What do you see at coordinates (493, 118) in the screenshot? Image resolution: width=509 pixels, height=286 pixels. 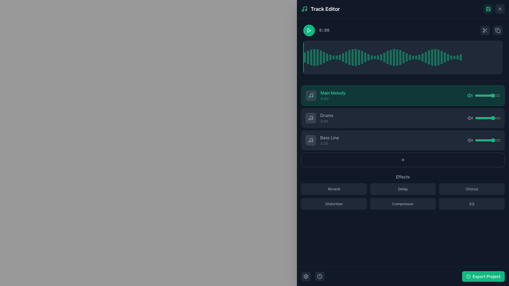 I see `the volume slider` at bounding box center [493, 118].